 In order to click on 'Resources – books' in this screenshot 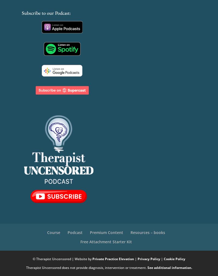, I will do `click(147, 232)`.